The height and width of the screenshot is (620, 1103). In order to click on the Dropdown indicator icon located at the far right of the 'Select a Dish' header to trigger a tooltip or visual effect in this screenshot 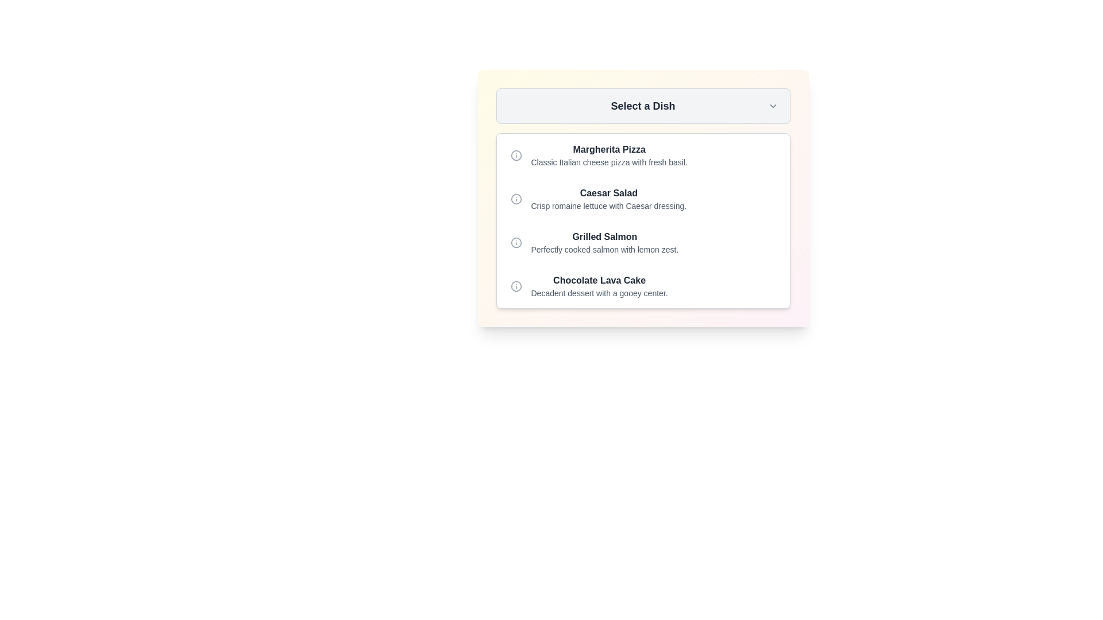, I will do `click(773, 106)`.